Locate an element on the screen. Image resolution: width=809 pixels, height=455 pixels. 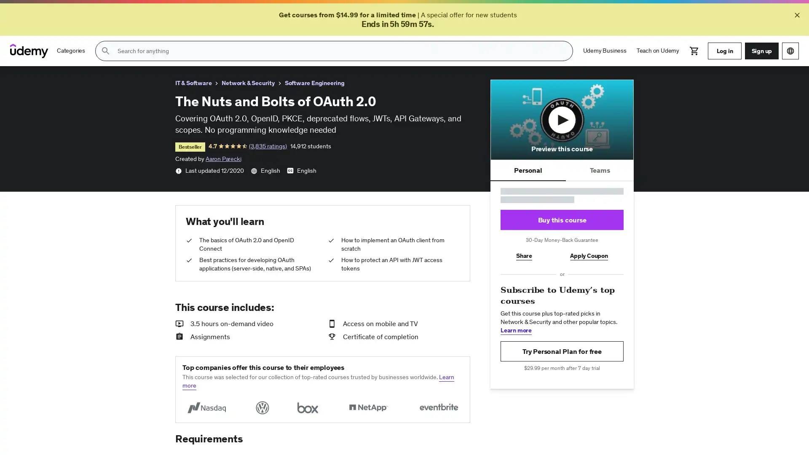
Close is located at coordinates (796, 15).